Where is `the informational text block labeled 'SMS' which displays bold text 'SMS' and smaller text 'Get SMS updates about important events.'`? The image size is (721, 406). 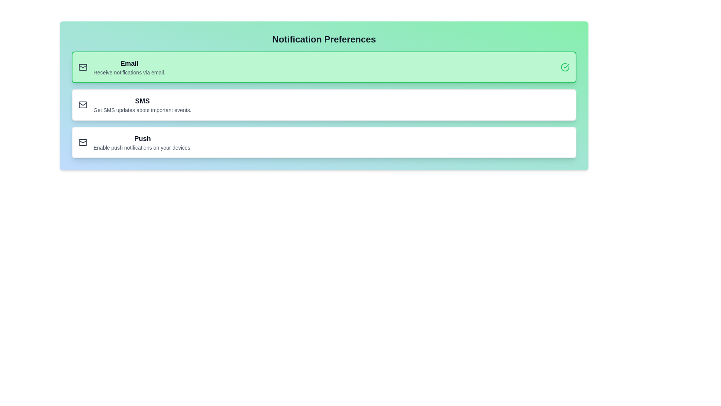
the informational text block labeled 'SMS' which displays bold text 'SMS' and smaller text 'Get SMS updates about important events.' is located at coordinates (142, 105).